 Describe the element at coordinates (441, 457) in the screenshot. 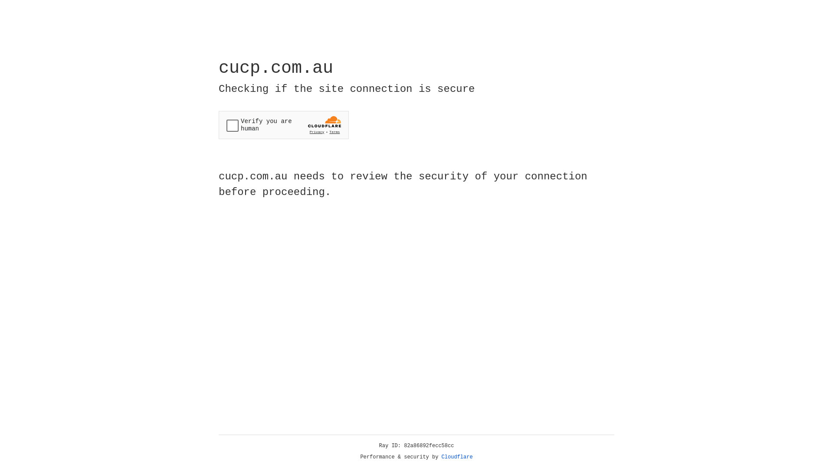

I see `'Cloudflare'` at that location.